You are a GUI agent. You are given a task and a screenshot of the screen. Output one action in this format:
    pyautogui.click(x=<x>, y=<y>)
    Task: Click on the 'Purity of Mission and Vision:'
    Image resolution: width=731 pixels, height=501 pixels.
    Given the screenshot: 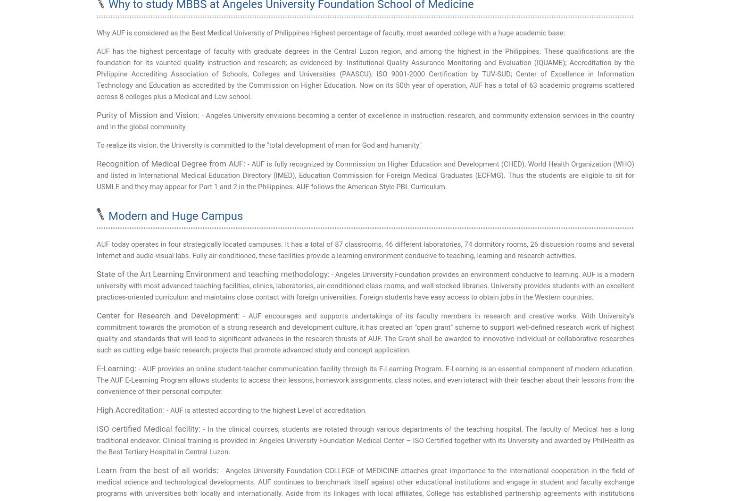 What is the action you would take?
    pyautogui.click(x=148, y=114)
    